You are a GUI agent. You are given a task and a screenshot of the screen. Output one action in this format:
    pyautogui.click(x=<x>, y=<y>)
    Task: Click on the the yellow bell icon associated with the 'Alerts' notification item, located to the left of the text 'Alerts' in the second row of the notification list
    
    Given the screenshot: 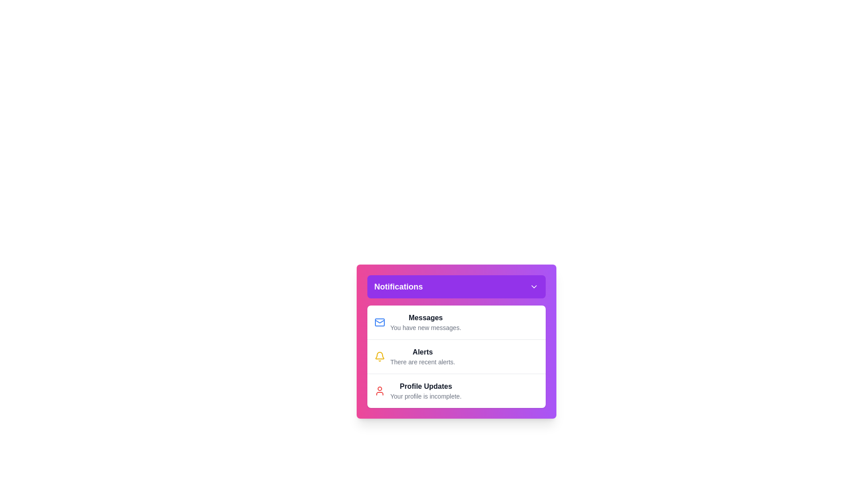 What is the action you would take?
    pyautogui.click(x=379, y=356)
    